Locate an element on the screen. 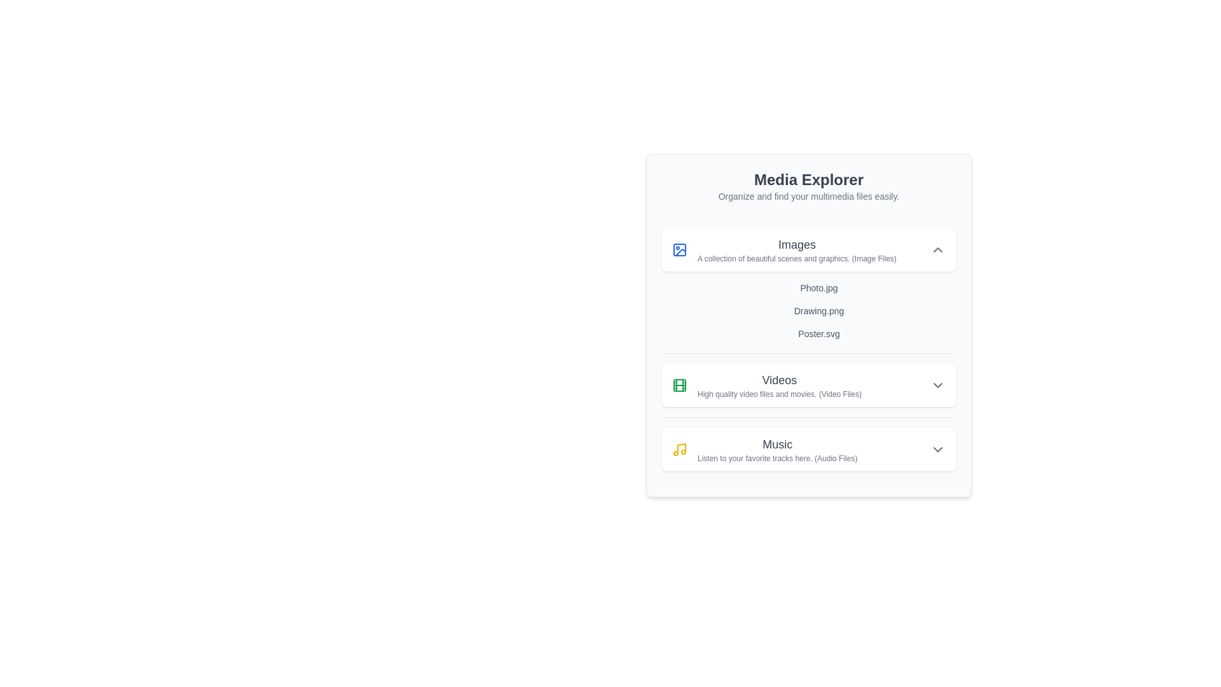 The width and height of the screenshot is (1221, 687). the descriptive text label located directly below the 'Music' text in the music section of the interface is located at coordinates (776, 459).